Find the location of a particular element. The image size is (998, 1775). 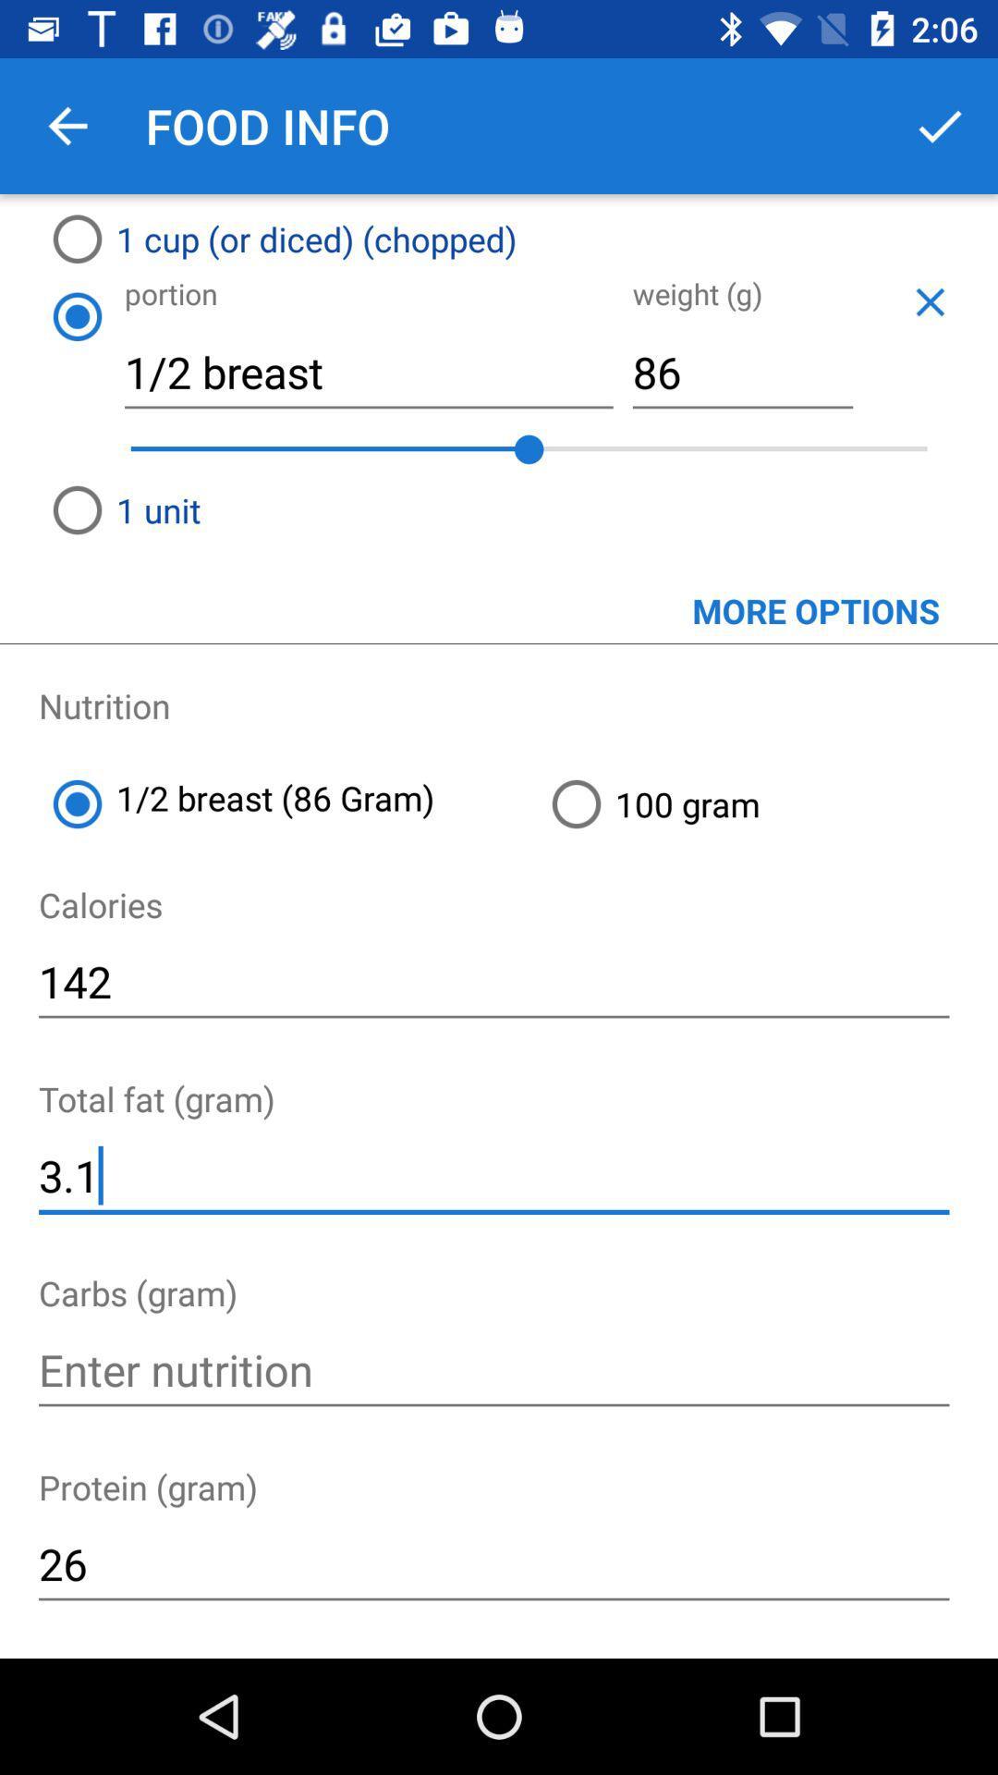

1 cup or is located at coordinates (419, 238).